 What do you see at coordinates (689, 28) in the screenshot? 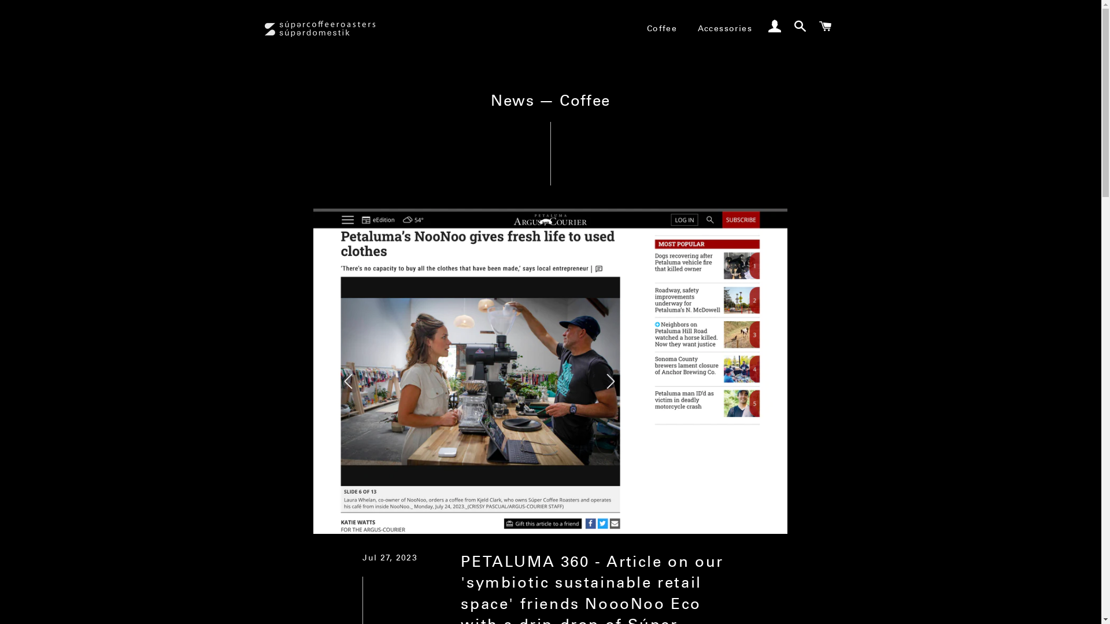
I see `'Accessories'` at bounding box center [689, 28].